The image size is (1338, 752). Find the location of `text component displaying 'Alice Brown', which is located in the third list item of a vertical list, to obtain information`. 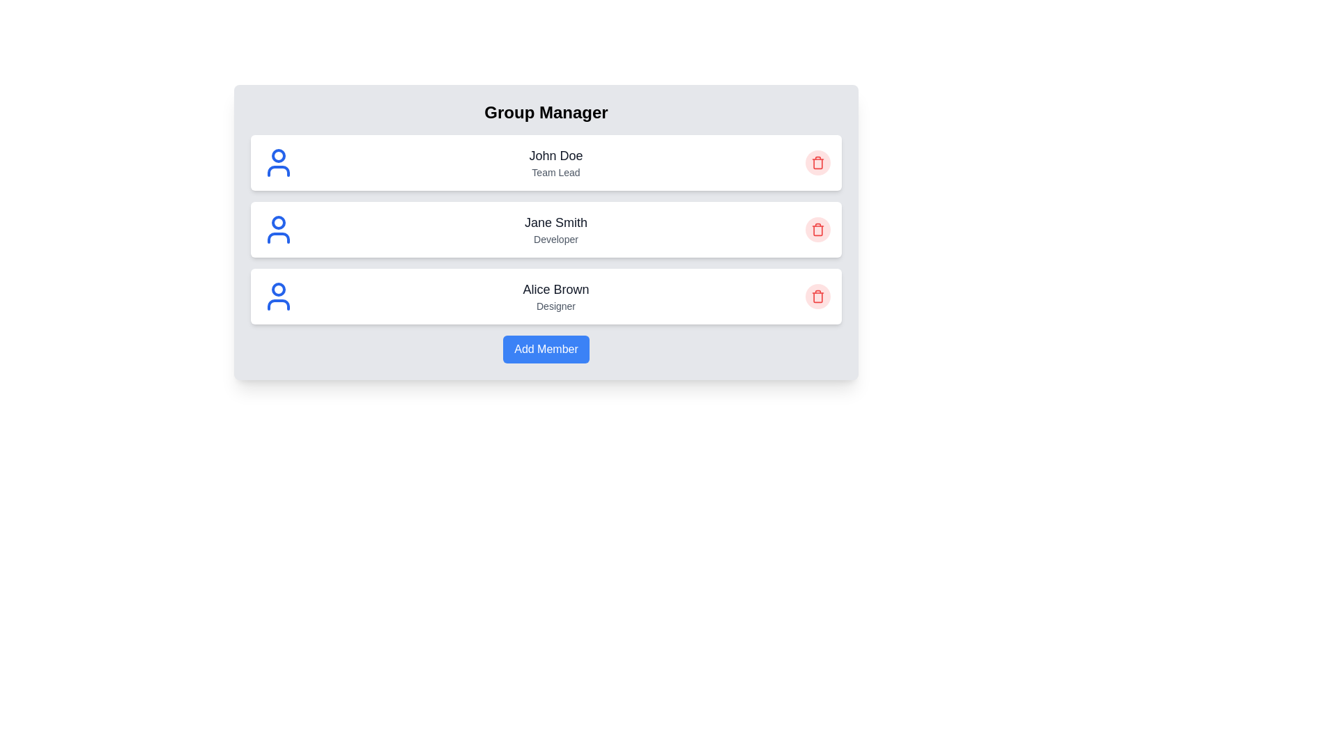

text component displaying 'Alice Brown', which is located in the third list item of a vertical list, to obtain information is located at coordinates (555, 289).